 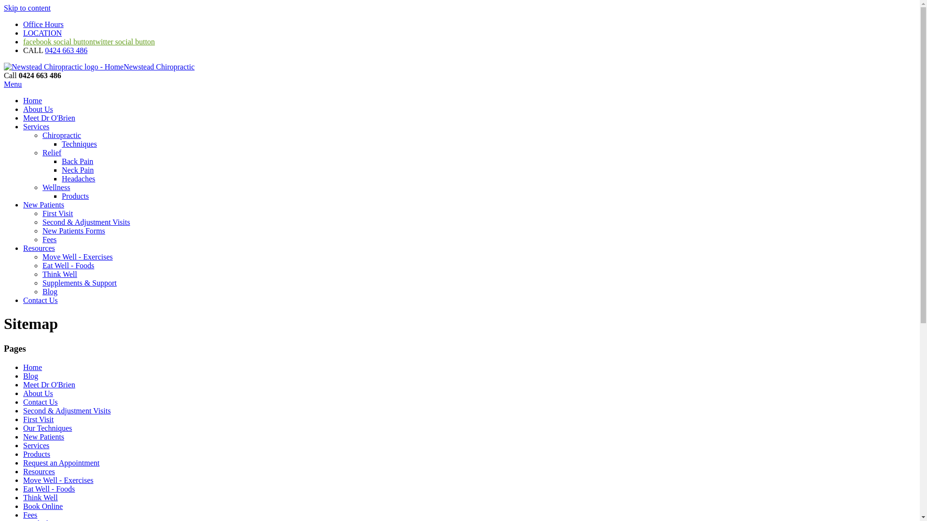 I want to click on 'Request an Appointment', so click(x=60, y=462).